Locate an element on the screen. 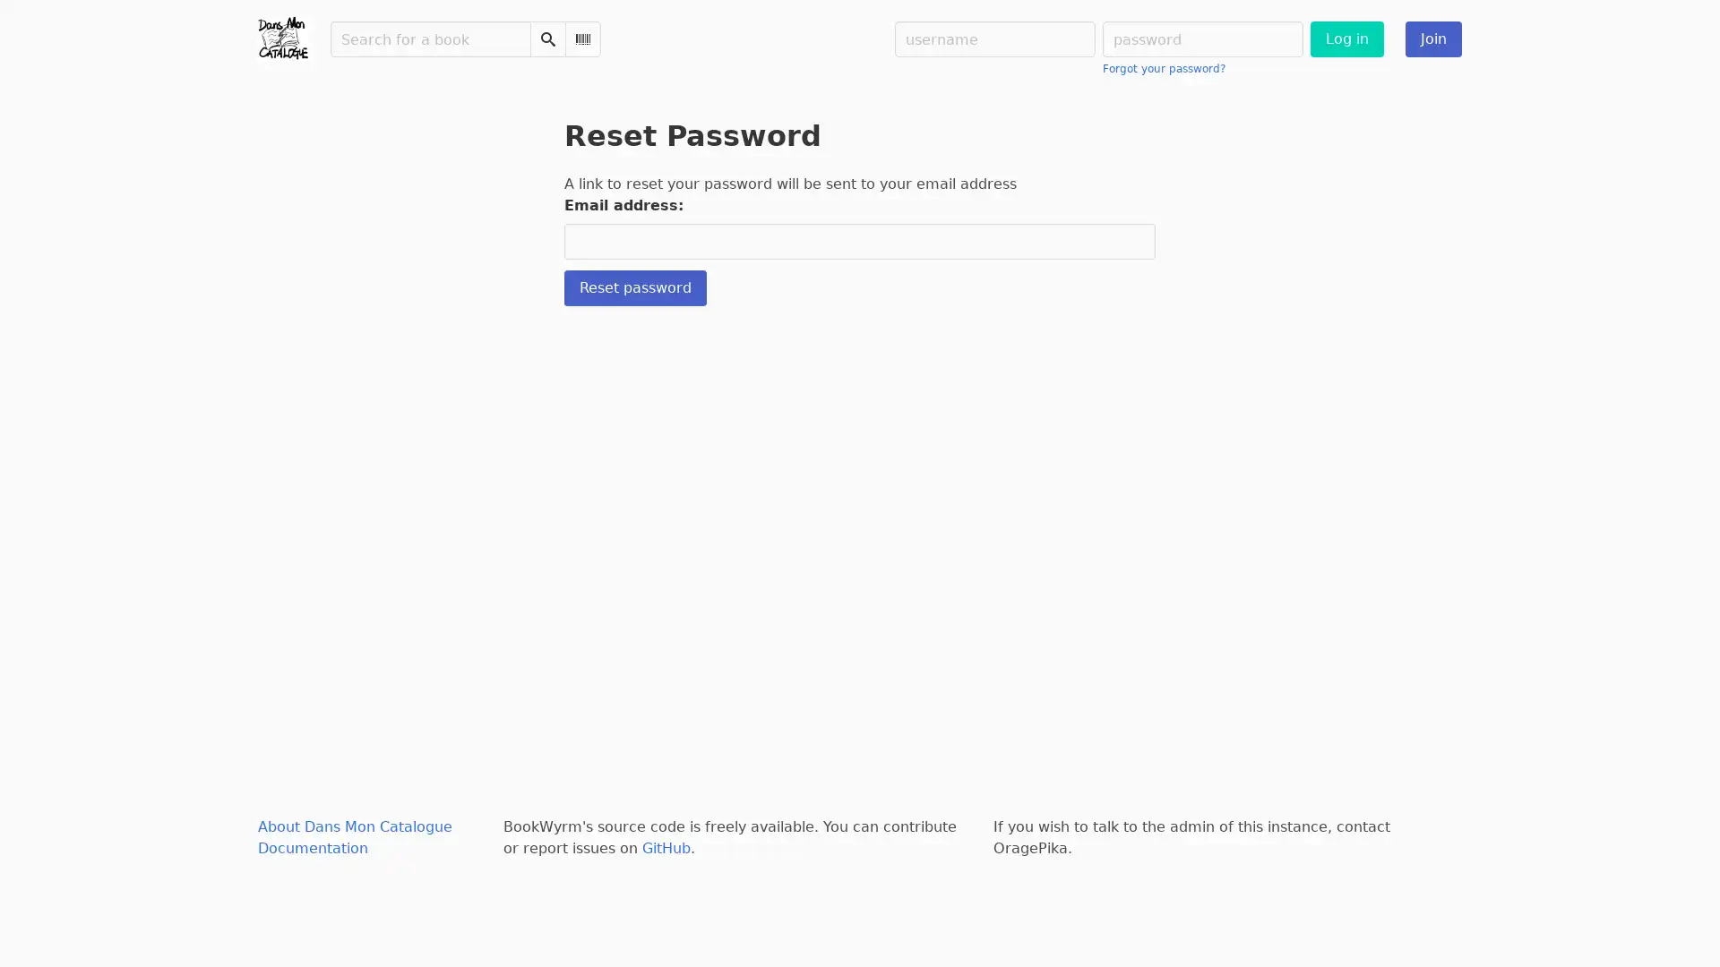 This screenshot has height=967, width=1720. Scan Barcode is located at coordinates (583, 39).